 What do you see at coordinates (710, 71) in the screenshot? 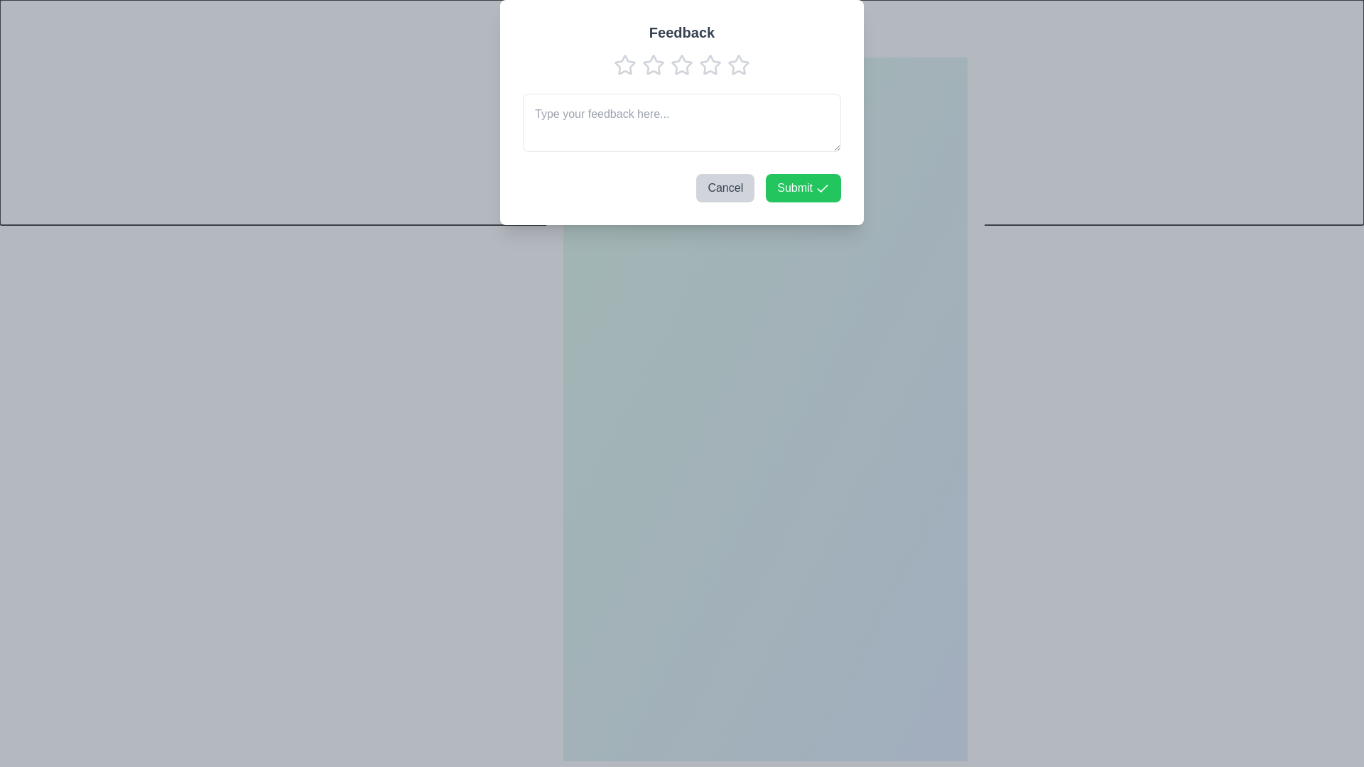
I see `the feedback rating to 5 stars by clicking the corresponding star button` at bounding box center [710, 71].